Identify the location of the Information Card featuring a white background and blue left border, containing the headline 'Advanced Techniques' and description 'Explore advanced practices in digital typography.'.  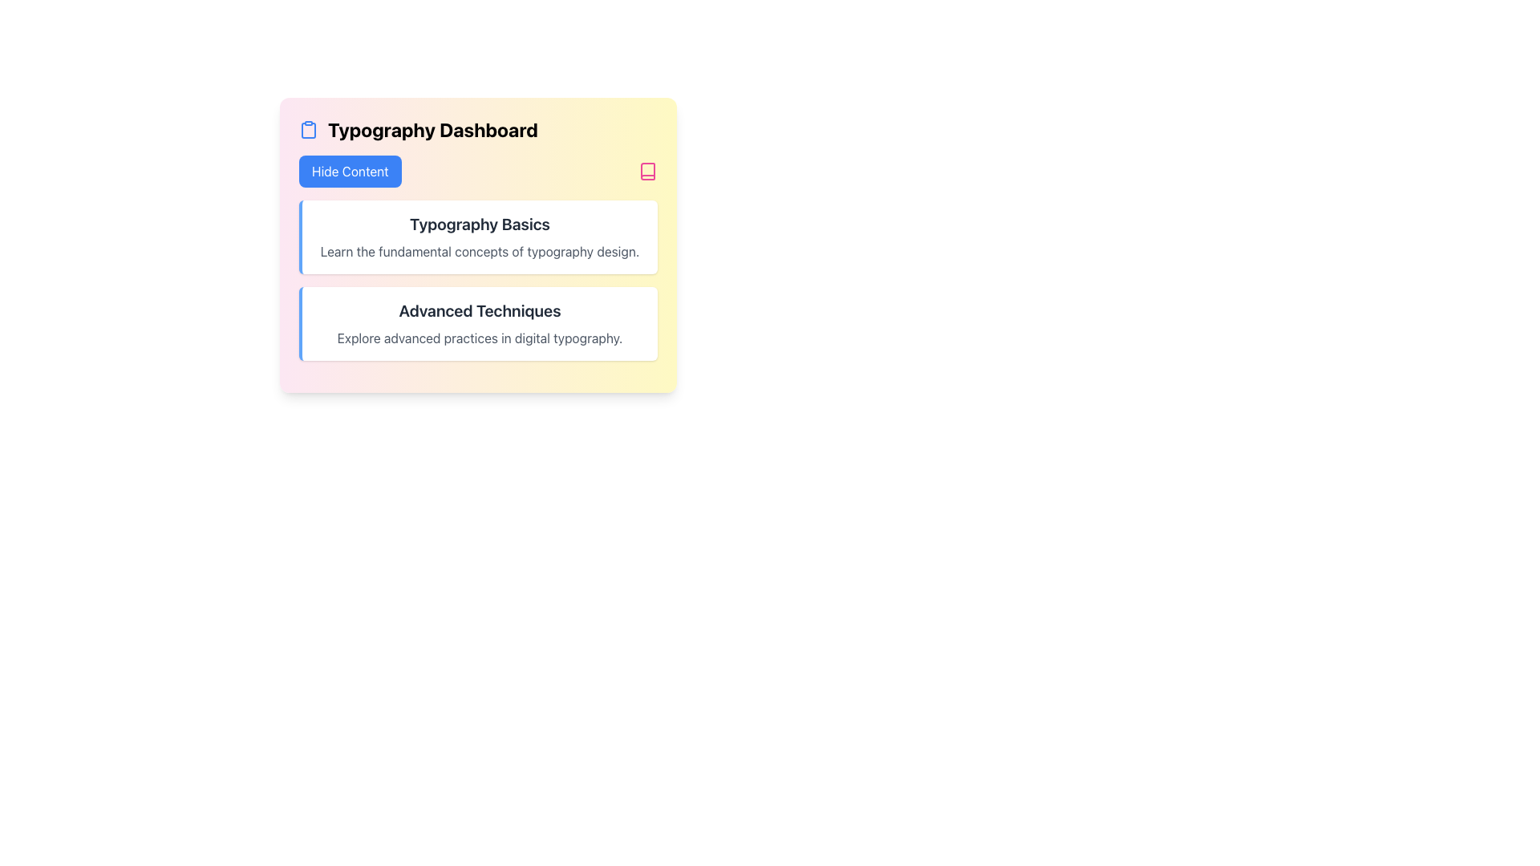
(477, 324).